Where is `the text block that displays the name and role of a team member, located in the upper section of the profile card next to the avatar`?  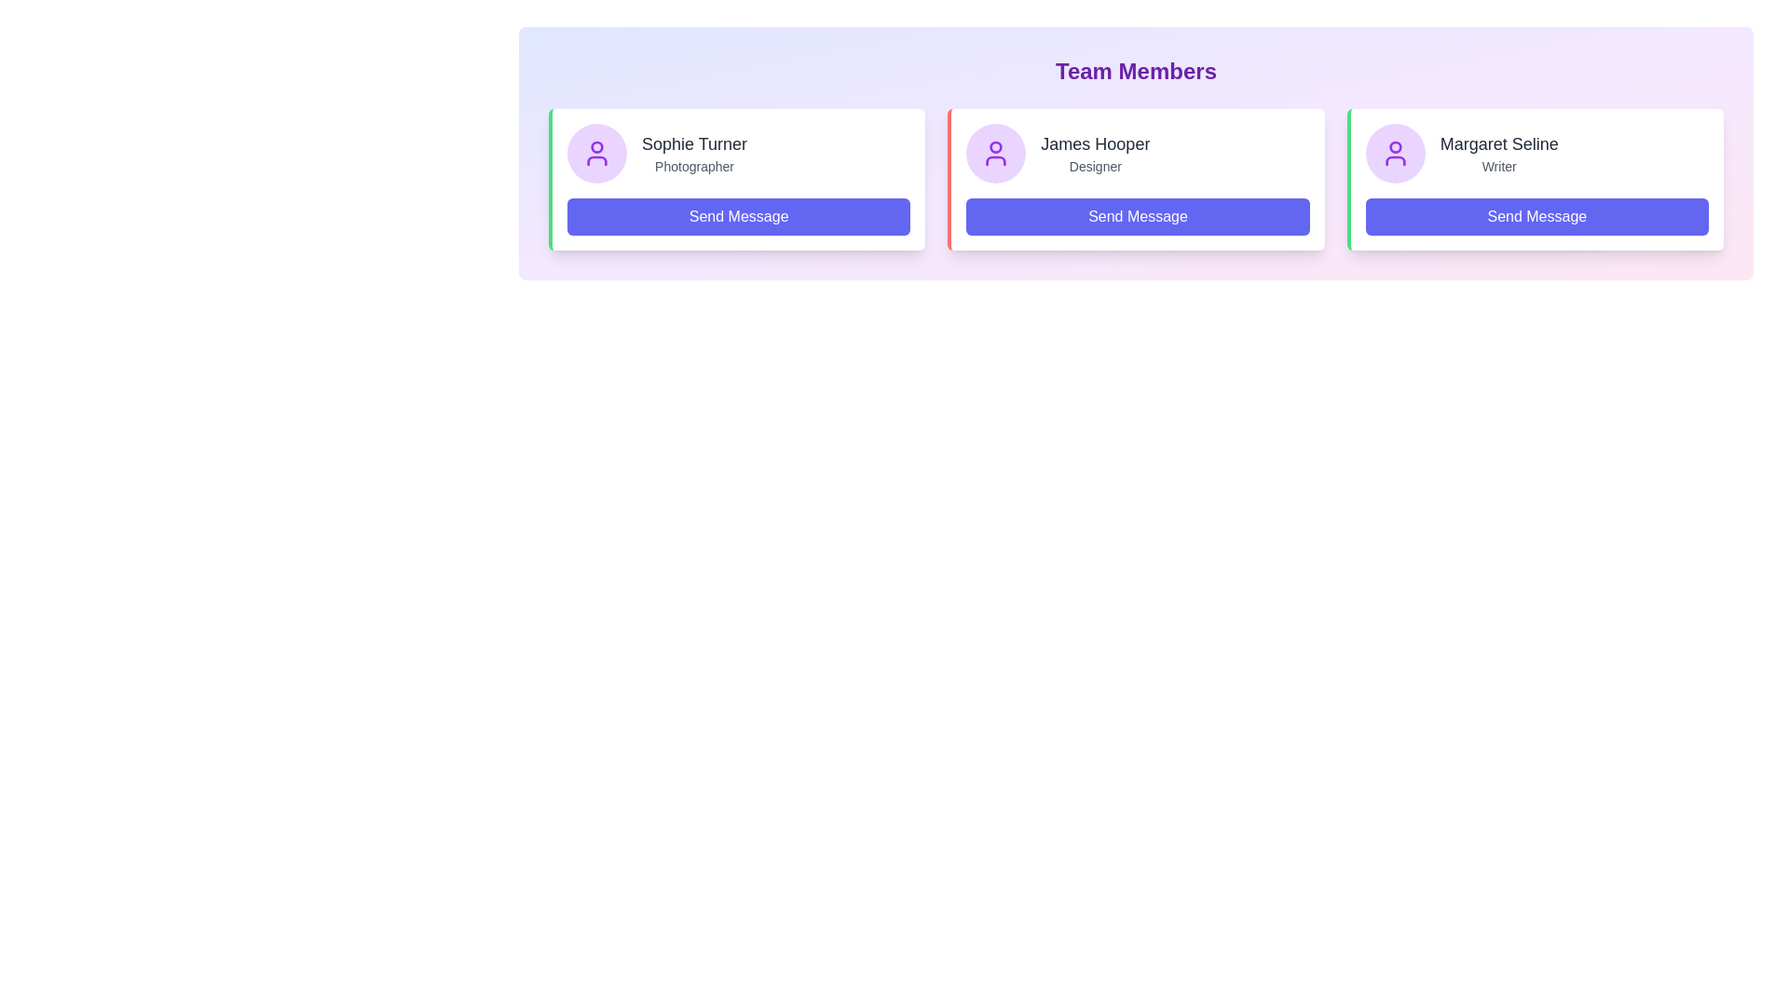 the text block that displays the name and role of a team member, located in the upper section of the profile card next to the avatar is located at coordinates (738, 153).